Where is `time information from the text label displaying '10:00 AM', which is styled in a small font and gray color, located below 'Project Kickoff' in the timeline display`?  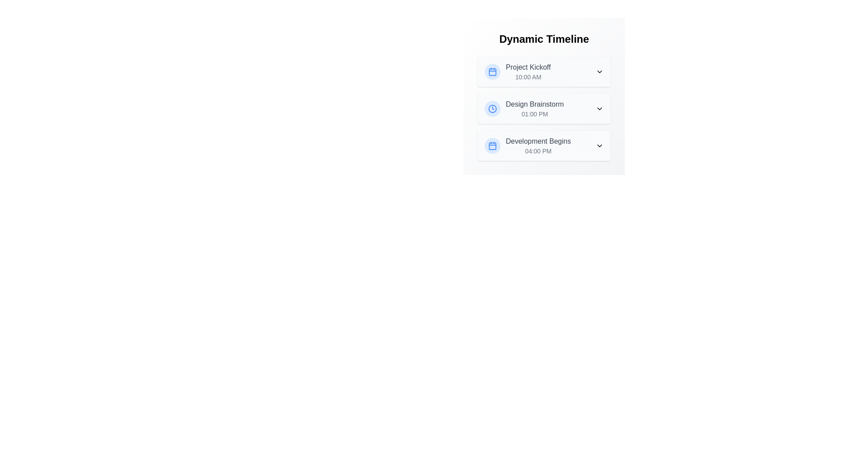 time information from the text label displaying '10:00 AM', which is styled in a small font and gray color, located below 'Project Kickoff' in the timeline display is located at coordinates (528, 76).